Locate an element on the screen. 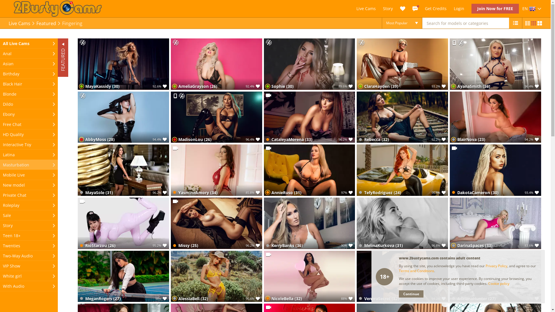  'DakotaCameron (30) is located at coordinates (495, 170).